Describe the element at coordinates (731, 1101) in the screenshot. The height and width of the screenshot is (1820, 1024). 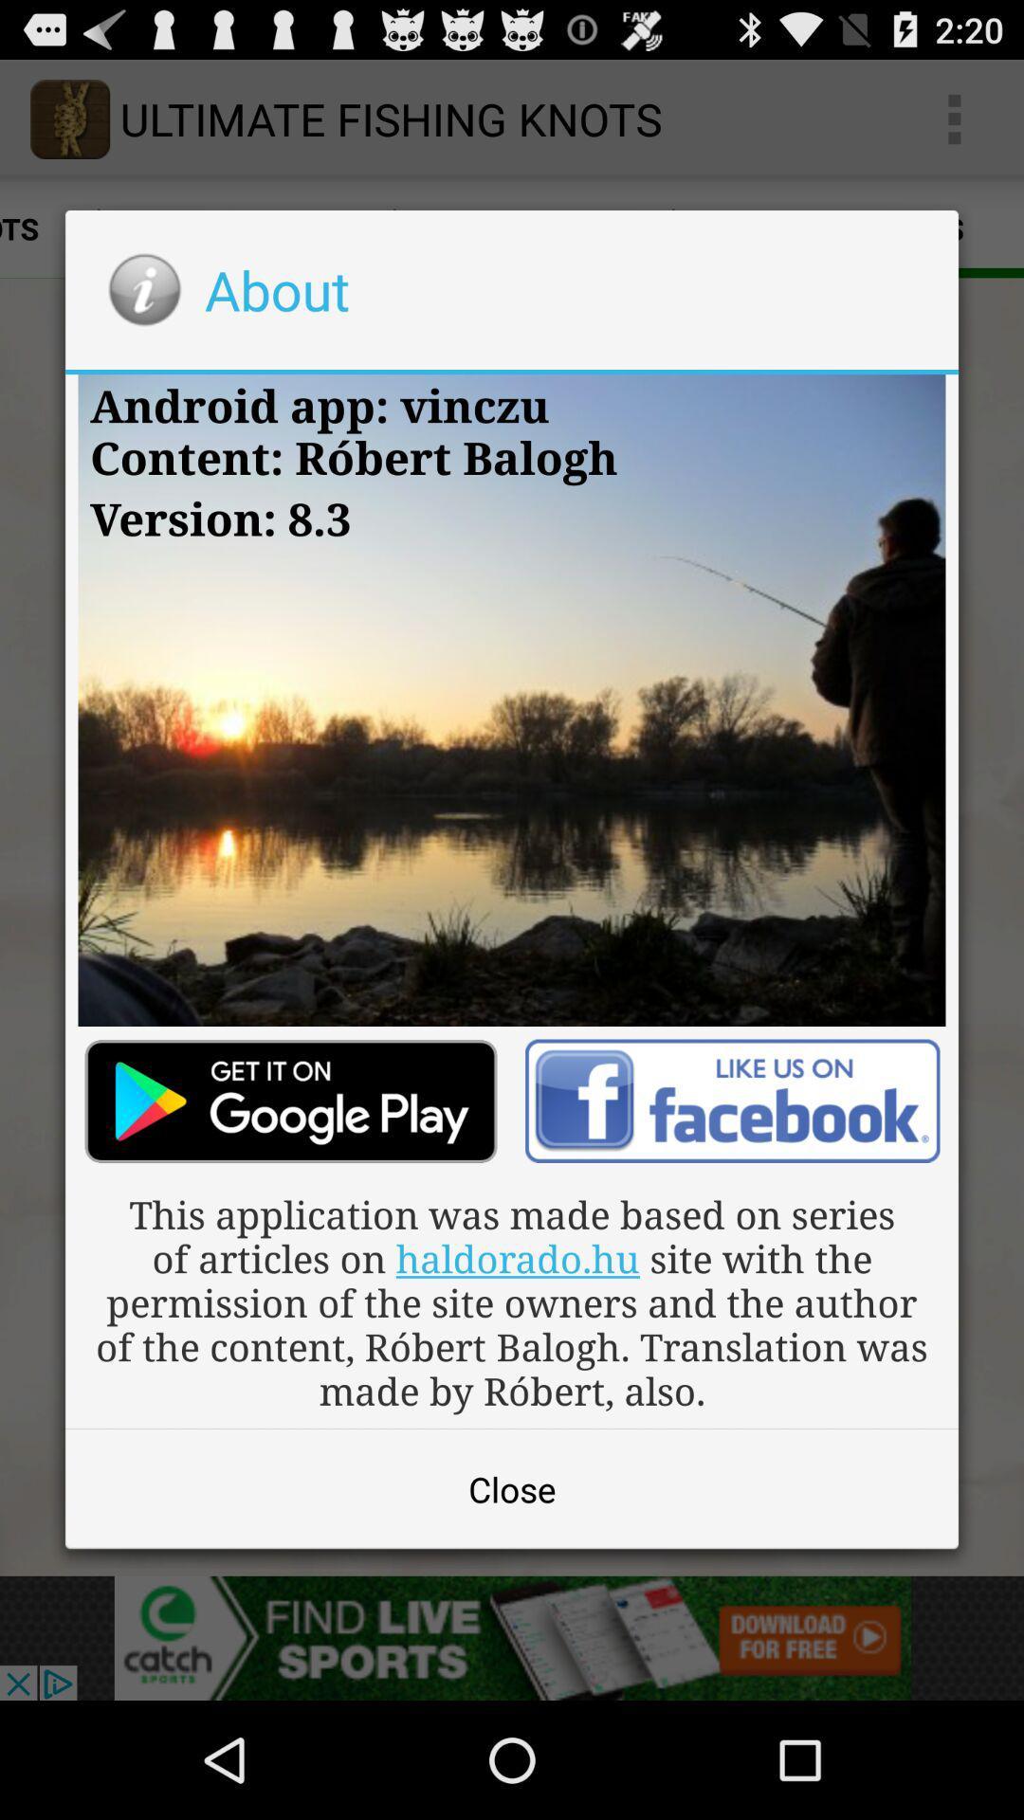
I see `the facebook` at that location.